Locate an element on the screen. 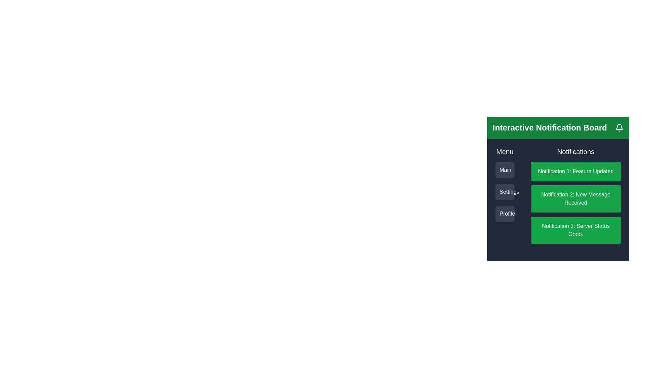 The width and height of the screenshot is (656, 369). the bell icon located on the far-right side of the header is located at coordinates (619, 128).